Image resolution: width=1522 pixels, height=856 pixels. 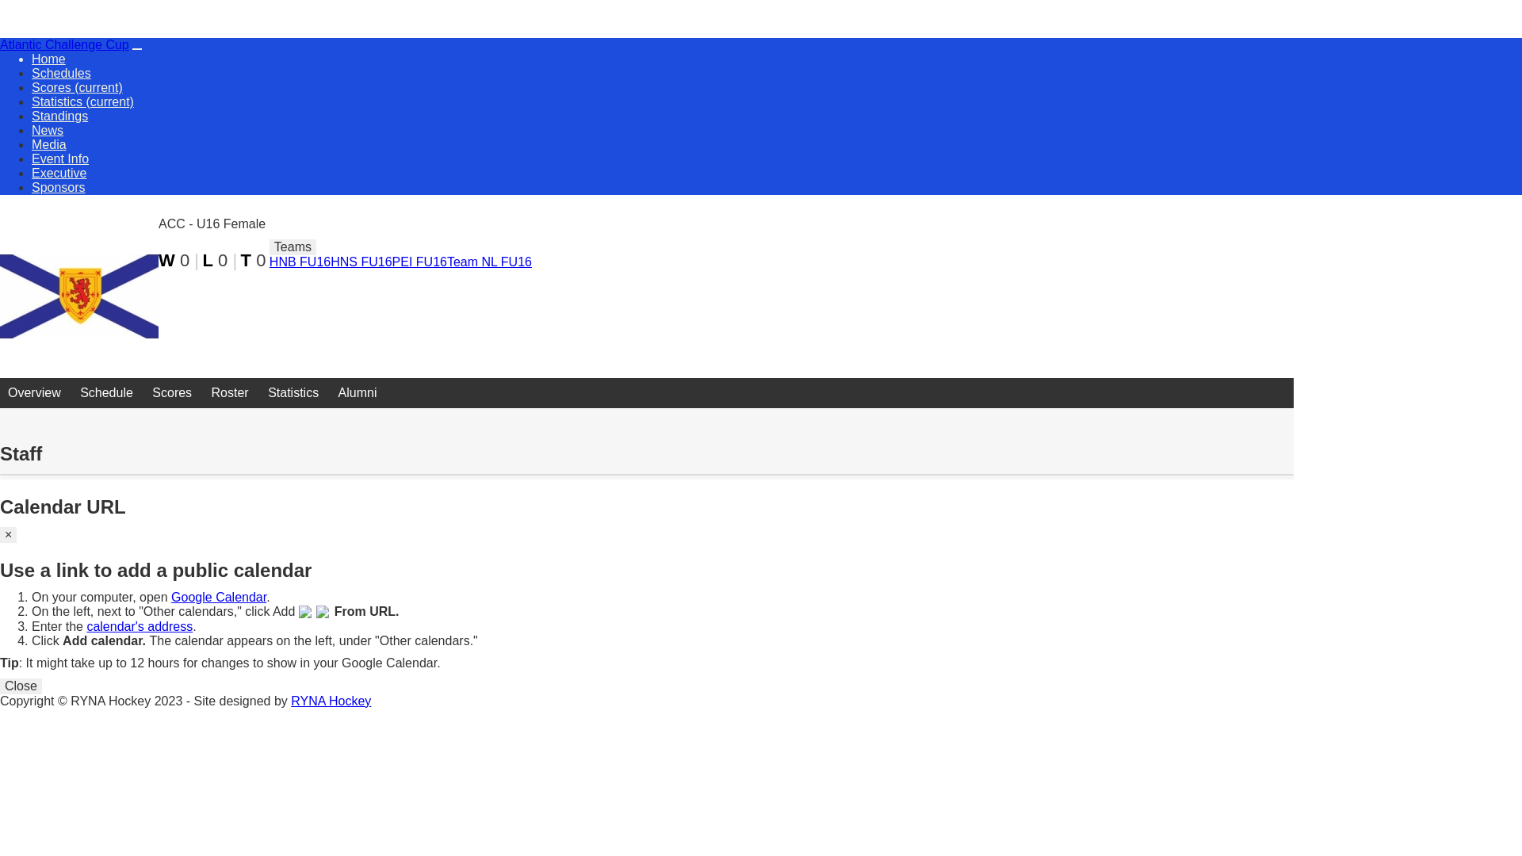 What do you see at coordinates (47, 129) in the screenshot?
I see `'News'` at bounding box center [47, 129].